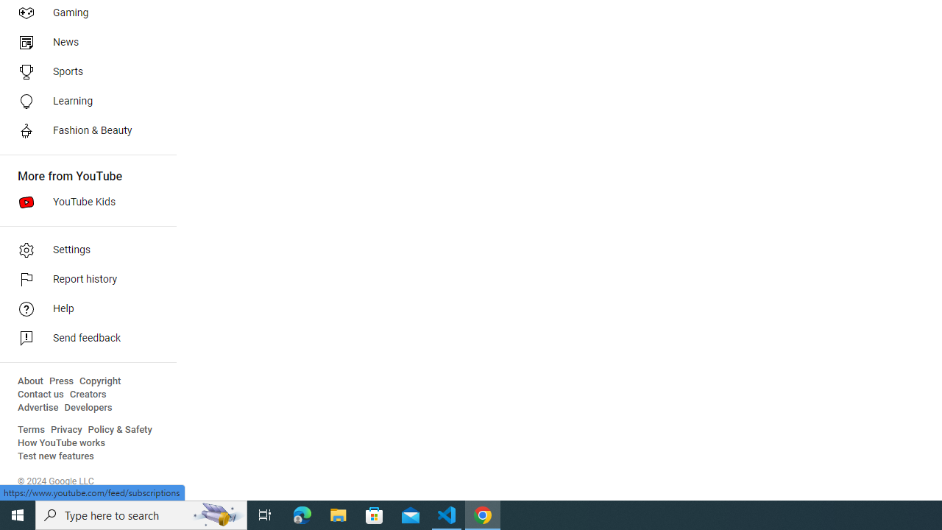  Describe the element at coordinates (120, 430) in the screenshot. I see `'Policy & Safety'` at that location.